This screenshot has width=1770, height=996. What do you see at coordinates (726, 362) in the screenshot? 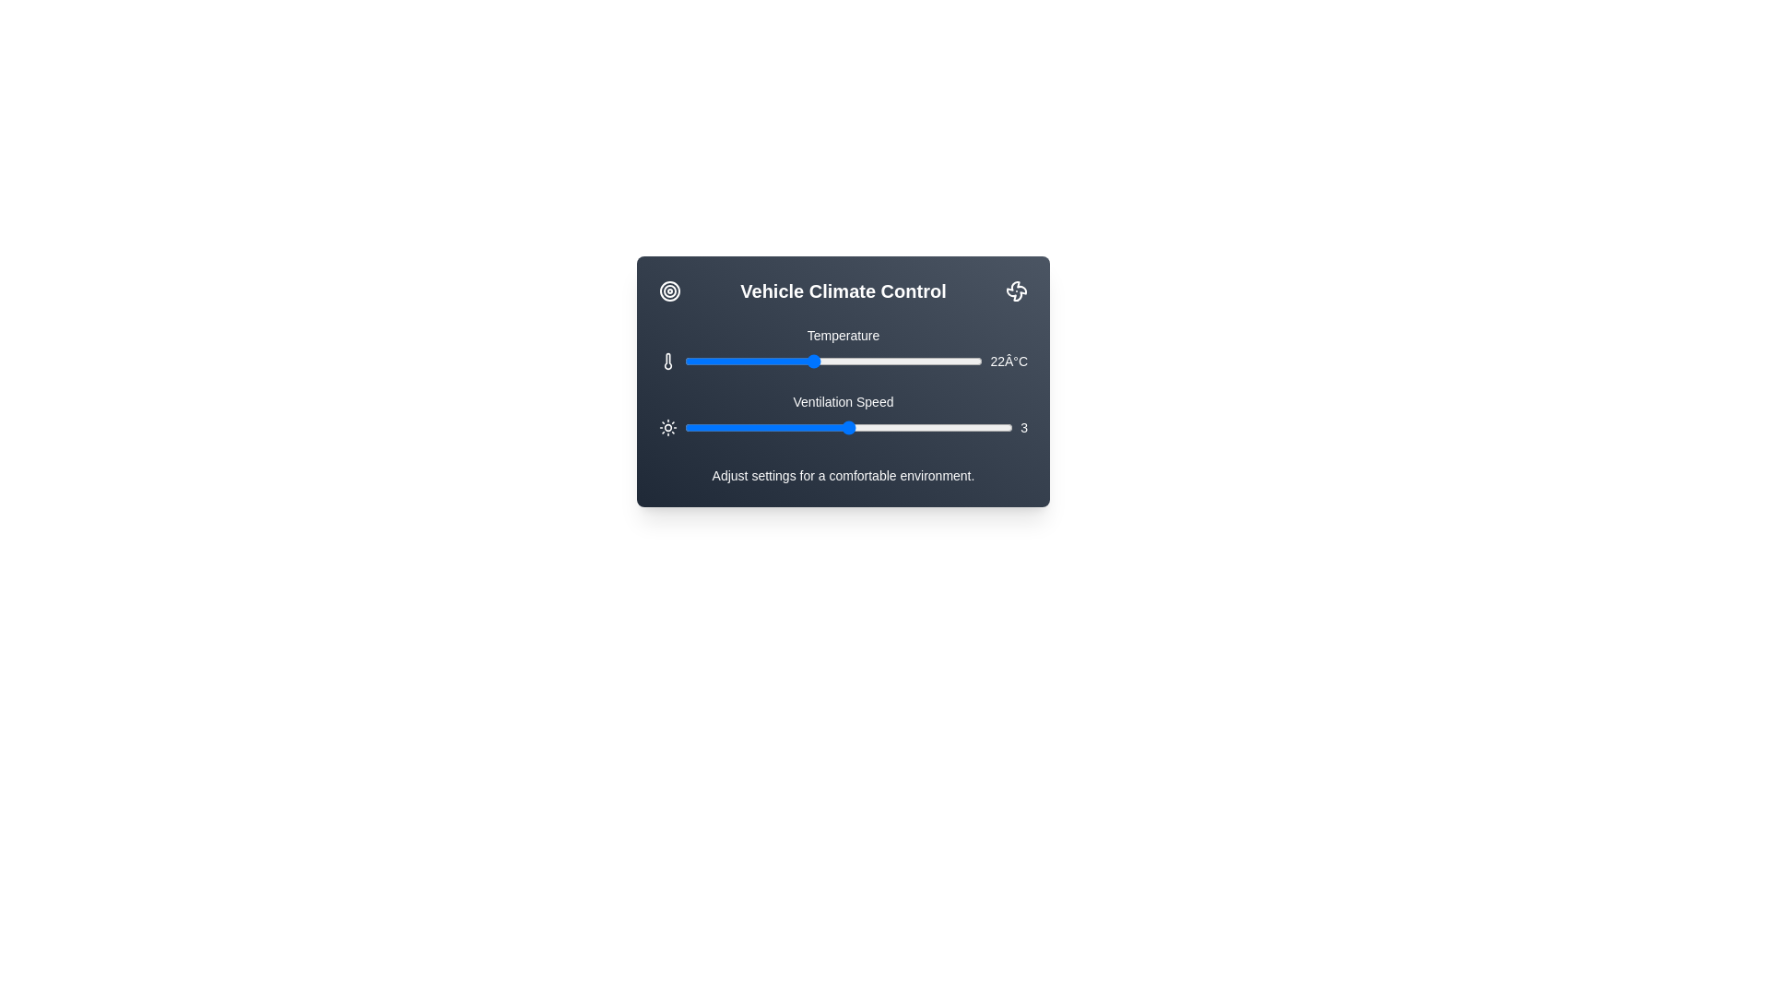
I see `the temperature slider to set the temperature to 18 degrees Celsius` at bounding box center [726, 362].